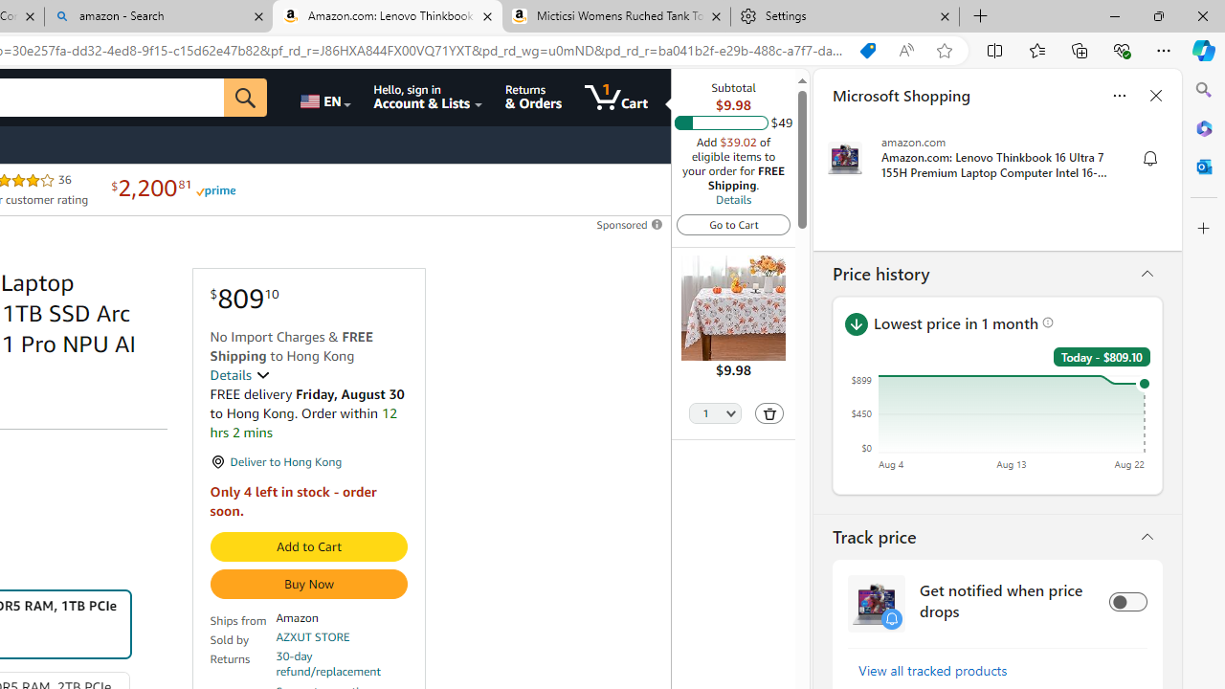  What do you see at coordinates (533, 97) in the screenshot?
I see `'Returns & Orders'` at bounding box center [533, 97].